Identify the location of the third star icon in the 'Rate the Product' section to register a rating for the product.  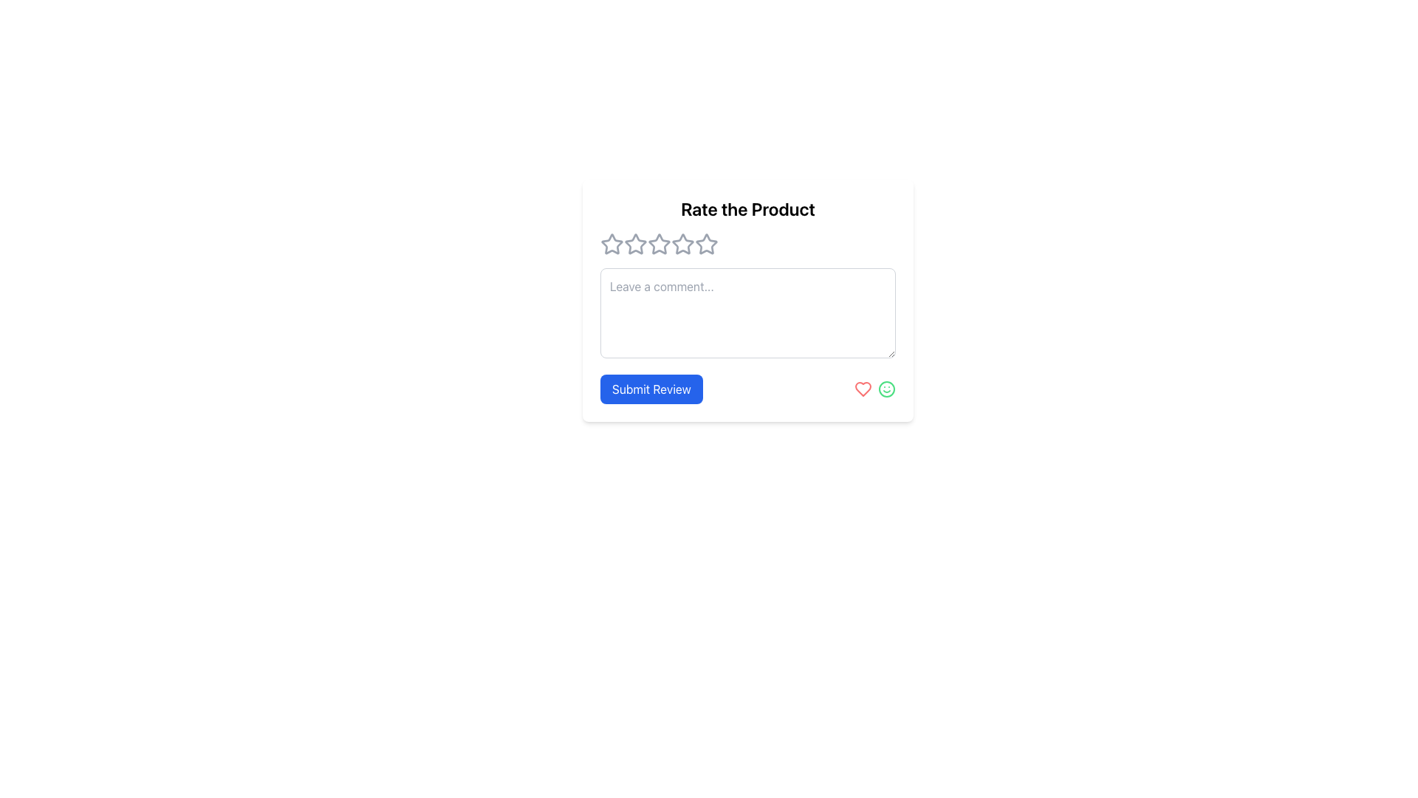
(635, 244).